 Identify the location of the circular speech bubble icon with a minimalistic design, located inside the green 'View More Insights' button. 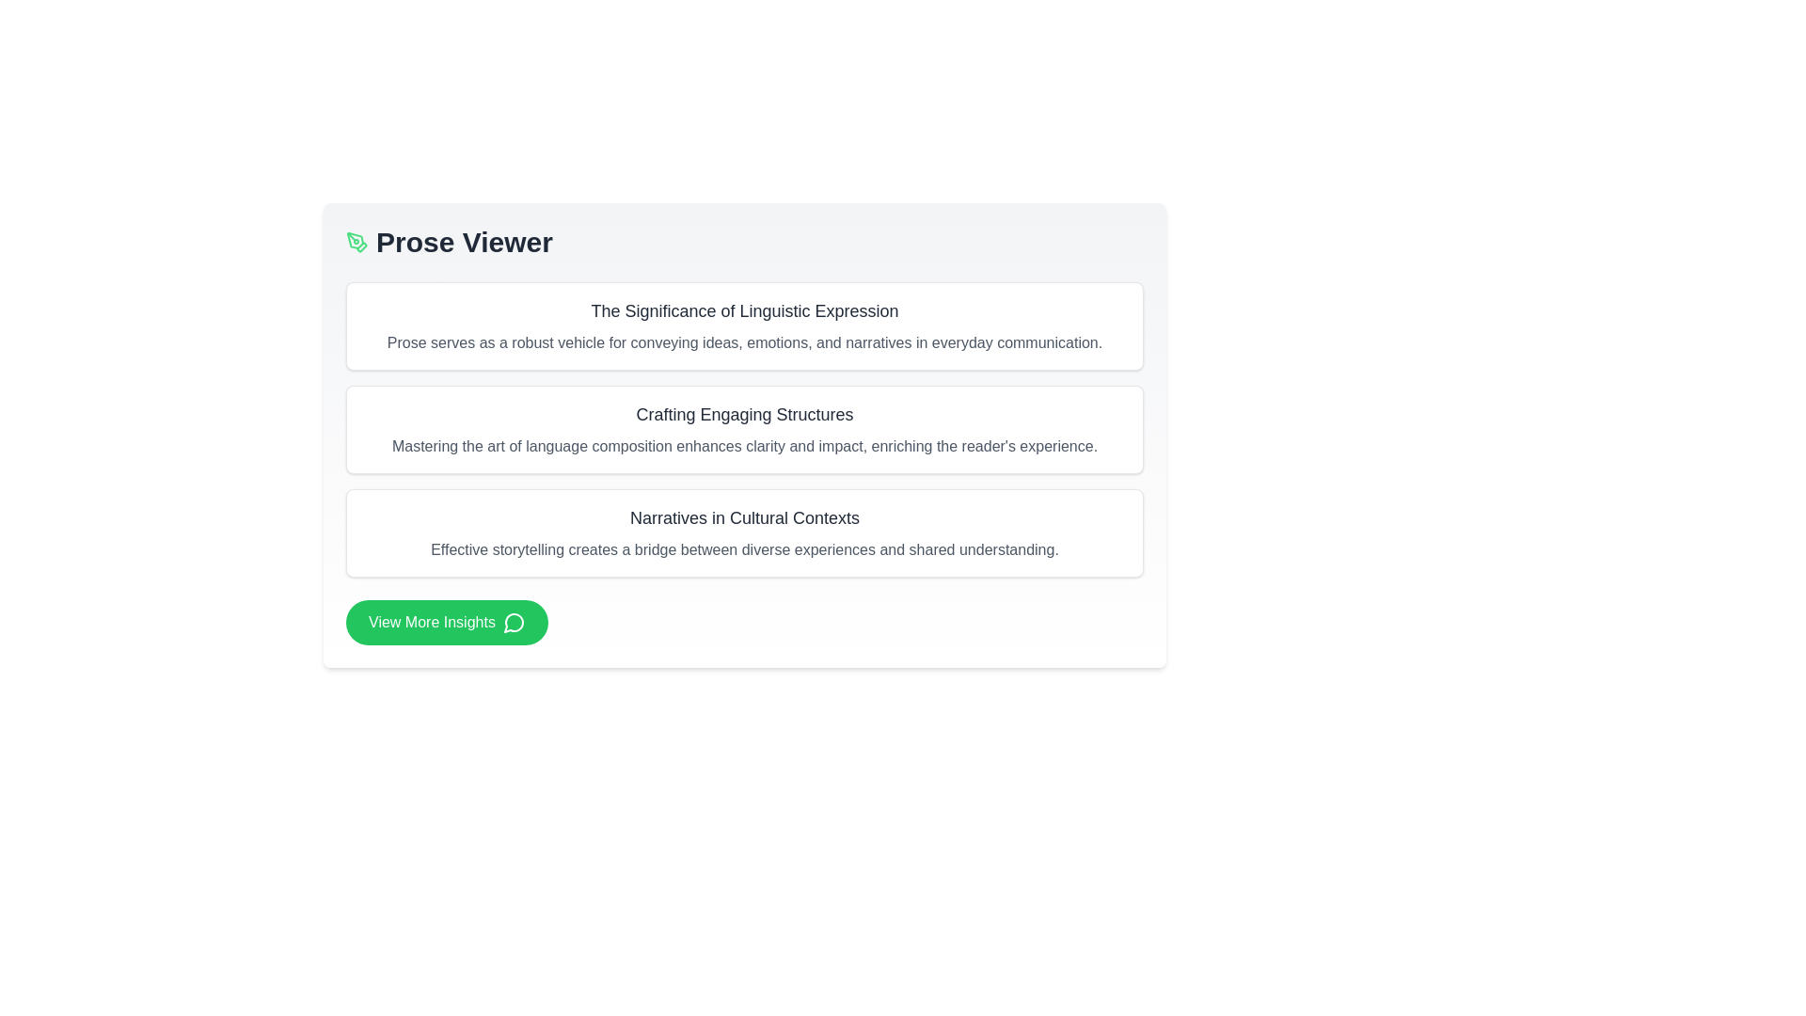
(514, 623).